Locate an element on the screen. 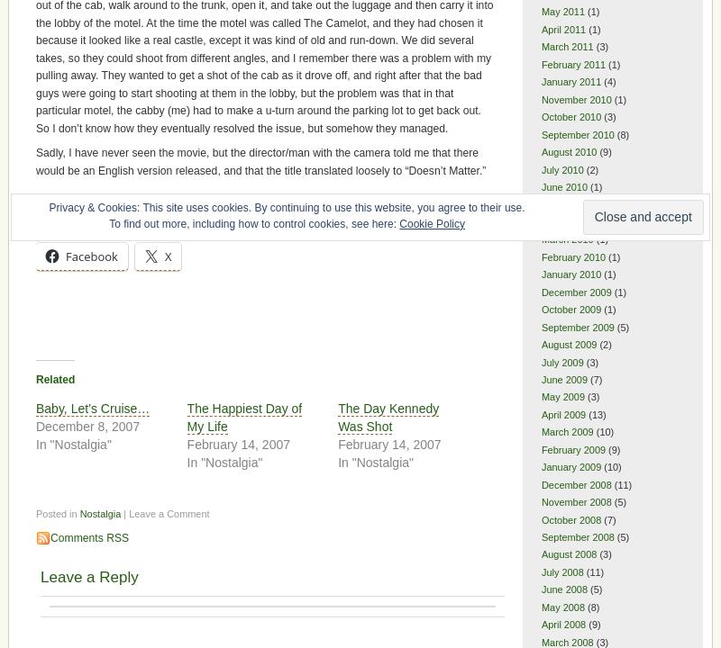  'August 2010' is located at coordinates (541, 150).